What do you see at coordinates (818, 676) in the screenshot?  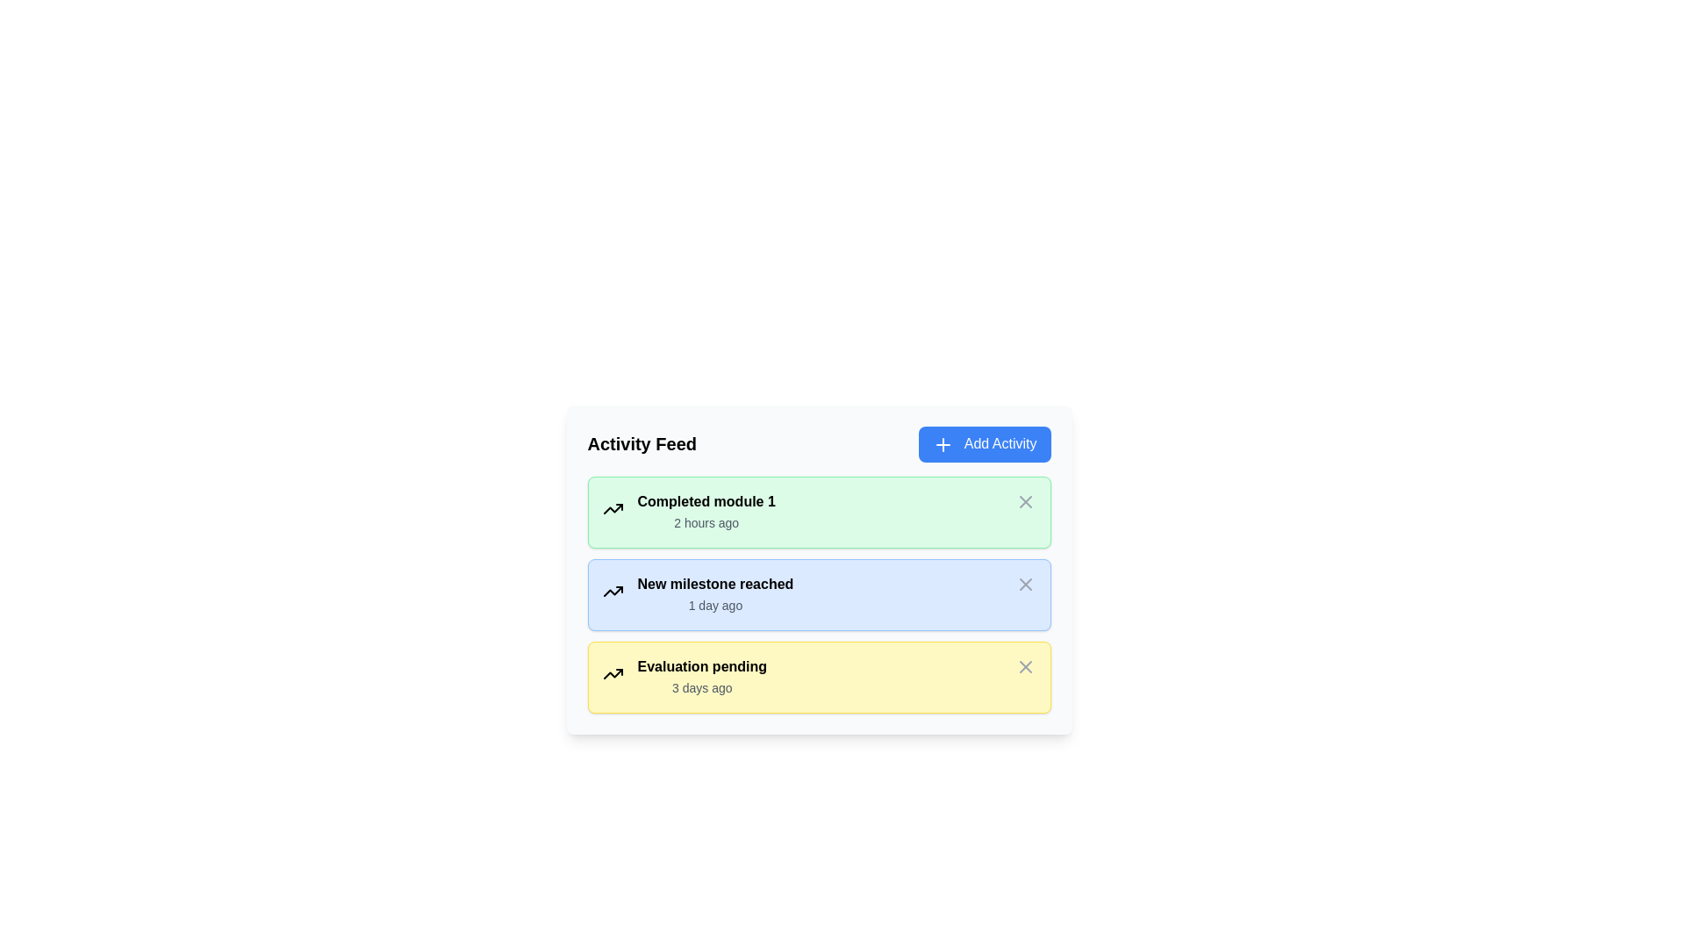 I see `information displayed on the notification card titled 'Evaluation pending', which is the last card in the activity feed with a yellow background and an interactive dismiss button` at bounding box center [818, 676].